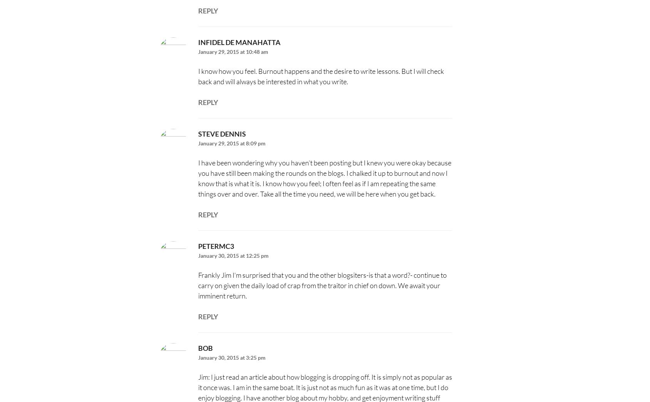 The width and height of the screenshot is (650, 402). I want to click on 'I know how you feel.  Burnout happens and the desire to write lessons.  But I will check back and will always be interested in what you write.', so click(197, 76).